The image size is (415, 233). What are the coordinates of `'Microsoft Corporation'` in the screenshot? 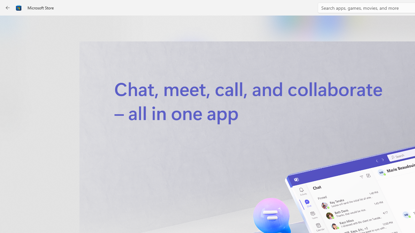 It's located at (218, 107).